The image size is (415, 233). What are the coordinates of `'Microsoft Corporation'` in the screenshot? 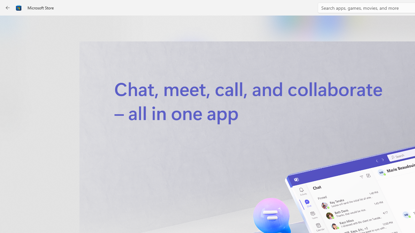 It's located at (218, 107).